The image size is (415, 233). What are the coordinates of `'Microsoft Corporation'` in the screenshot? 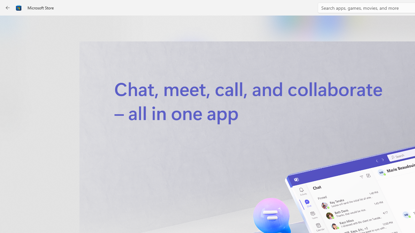 It's located at (218, 107).